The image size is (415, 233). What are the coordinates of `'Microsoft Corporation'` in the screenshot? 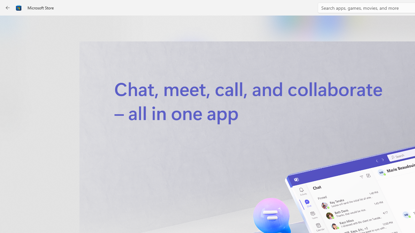 It's located at (218, 107).